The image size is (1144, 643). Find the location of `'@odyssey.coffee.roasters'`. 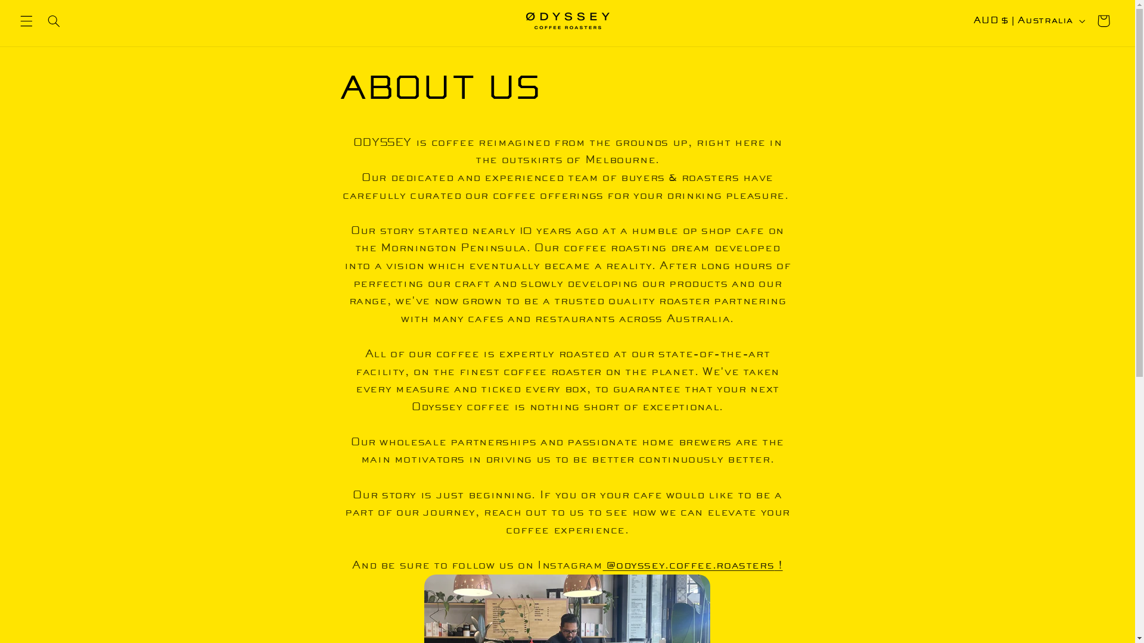

'@odyssey.coffee.roasters' is located at coordinates (689, 564).